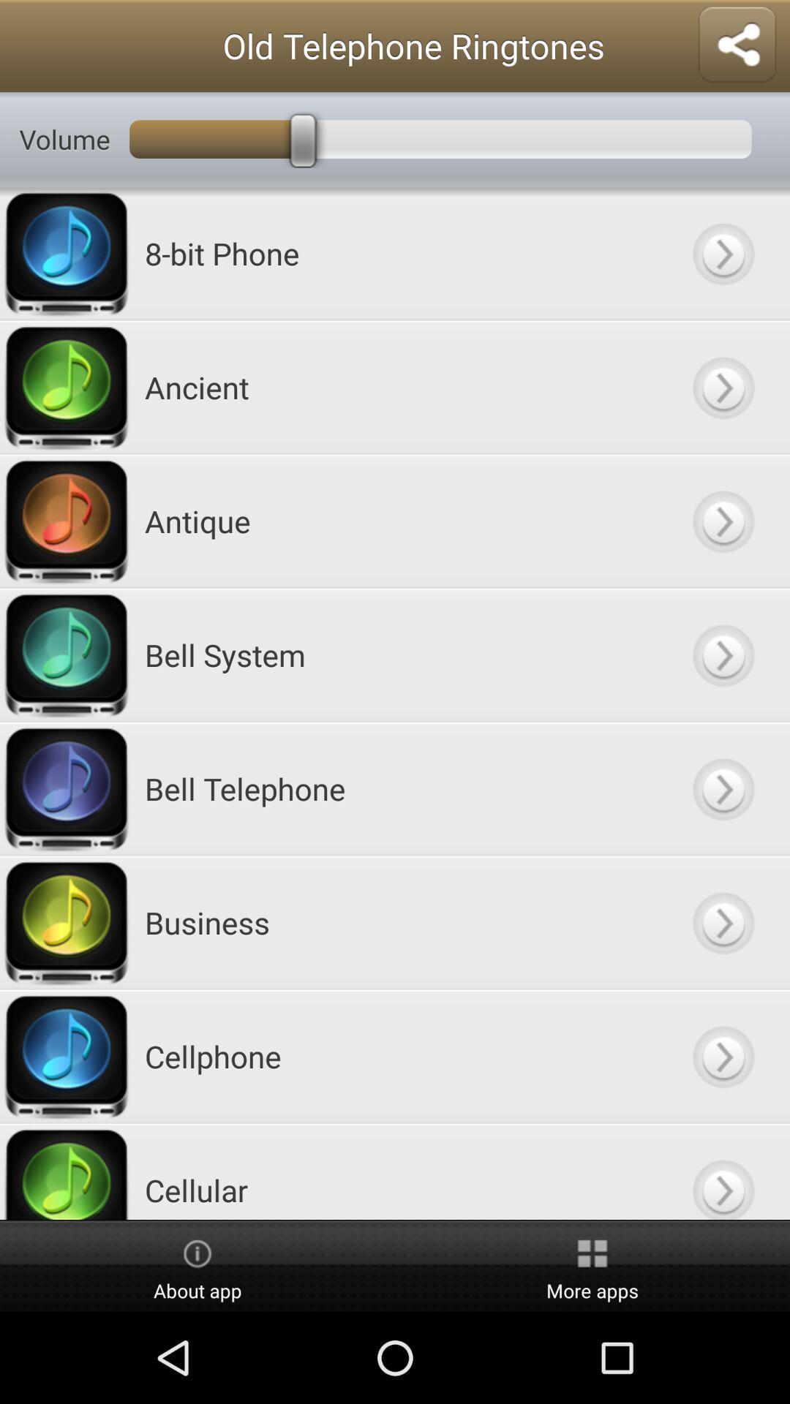 The height and width of the screenshot is (1404, 790). I want to click on button, so click(722, 921).